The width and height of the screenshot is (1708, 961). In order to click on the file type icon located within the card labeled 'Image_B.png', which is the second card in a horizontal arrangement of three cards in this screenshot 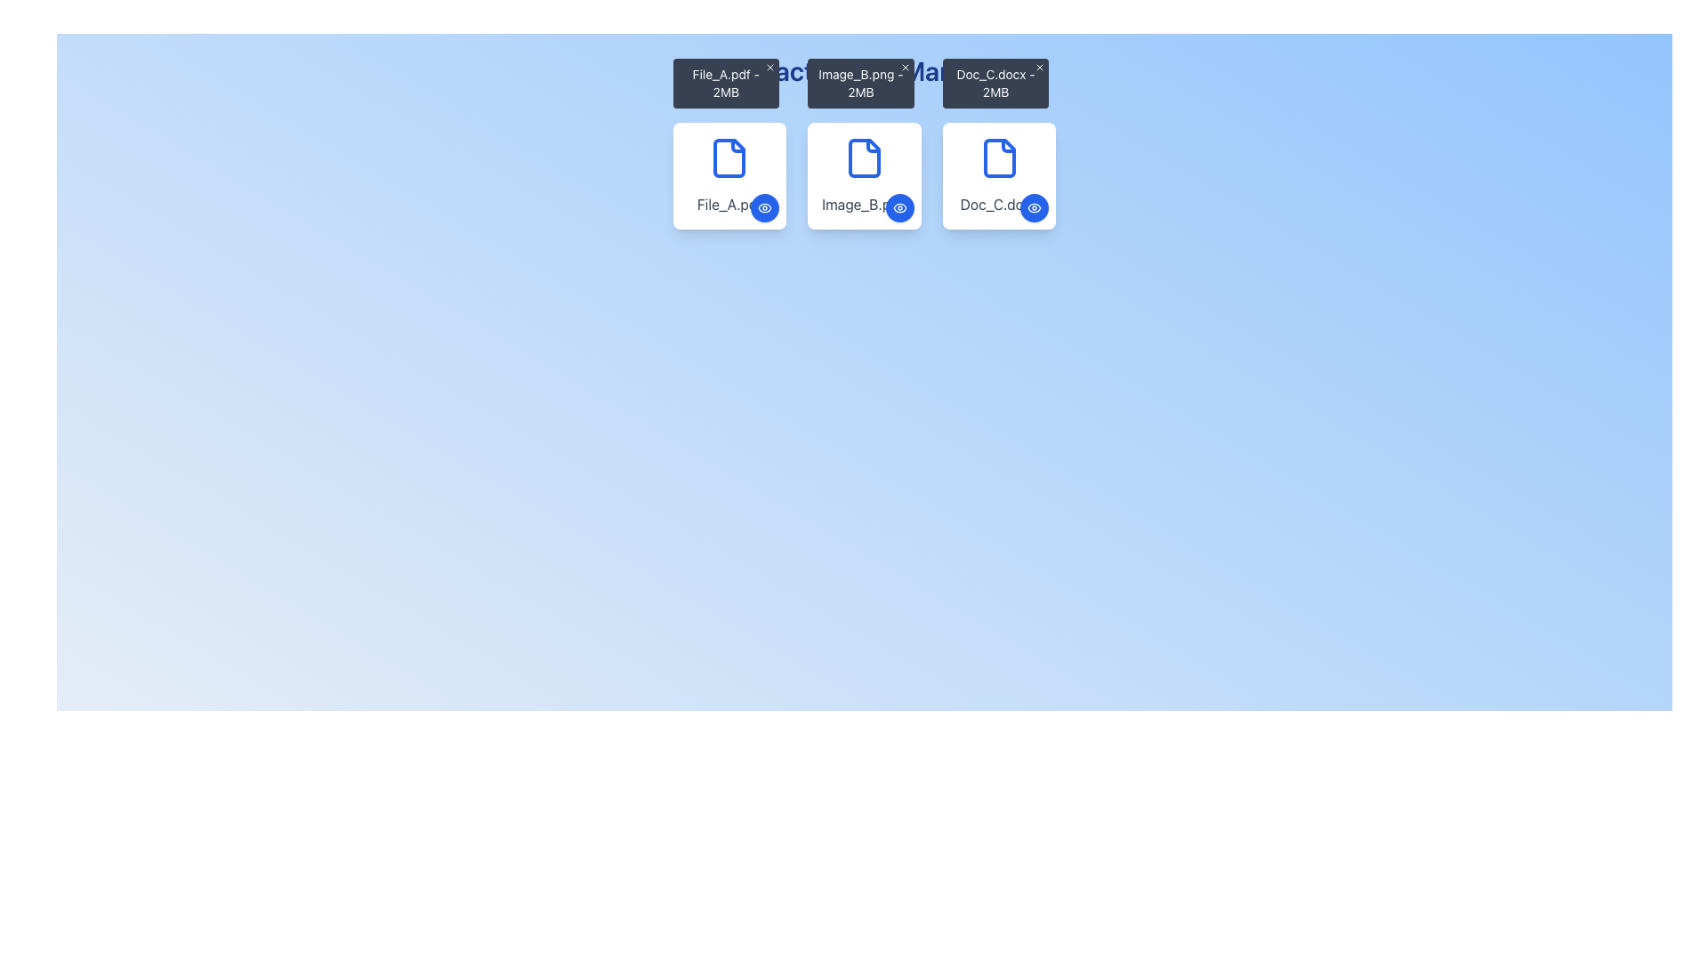, I will do `click(864, 157)`.